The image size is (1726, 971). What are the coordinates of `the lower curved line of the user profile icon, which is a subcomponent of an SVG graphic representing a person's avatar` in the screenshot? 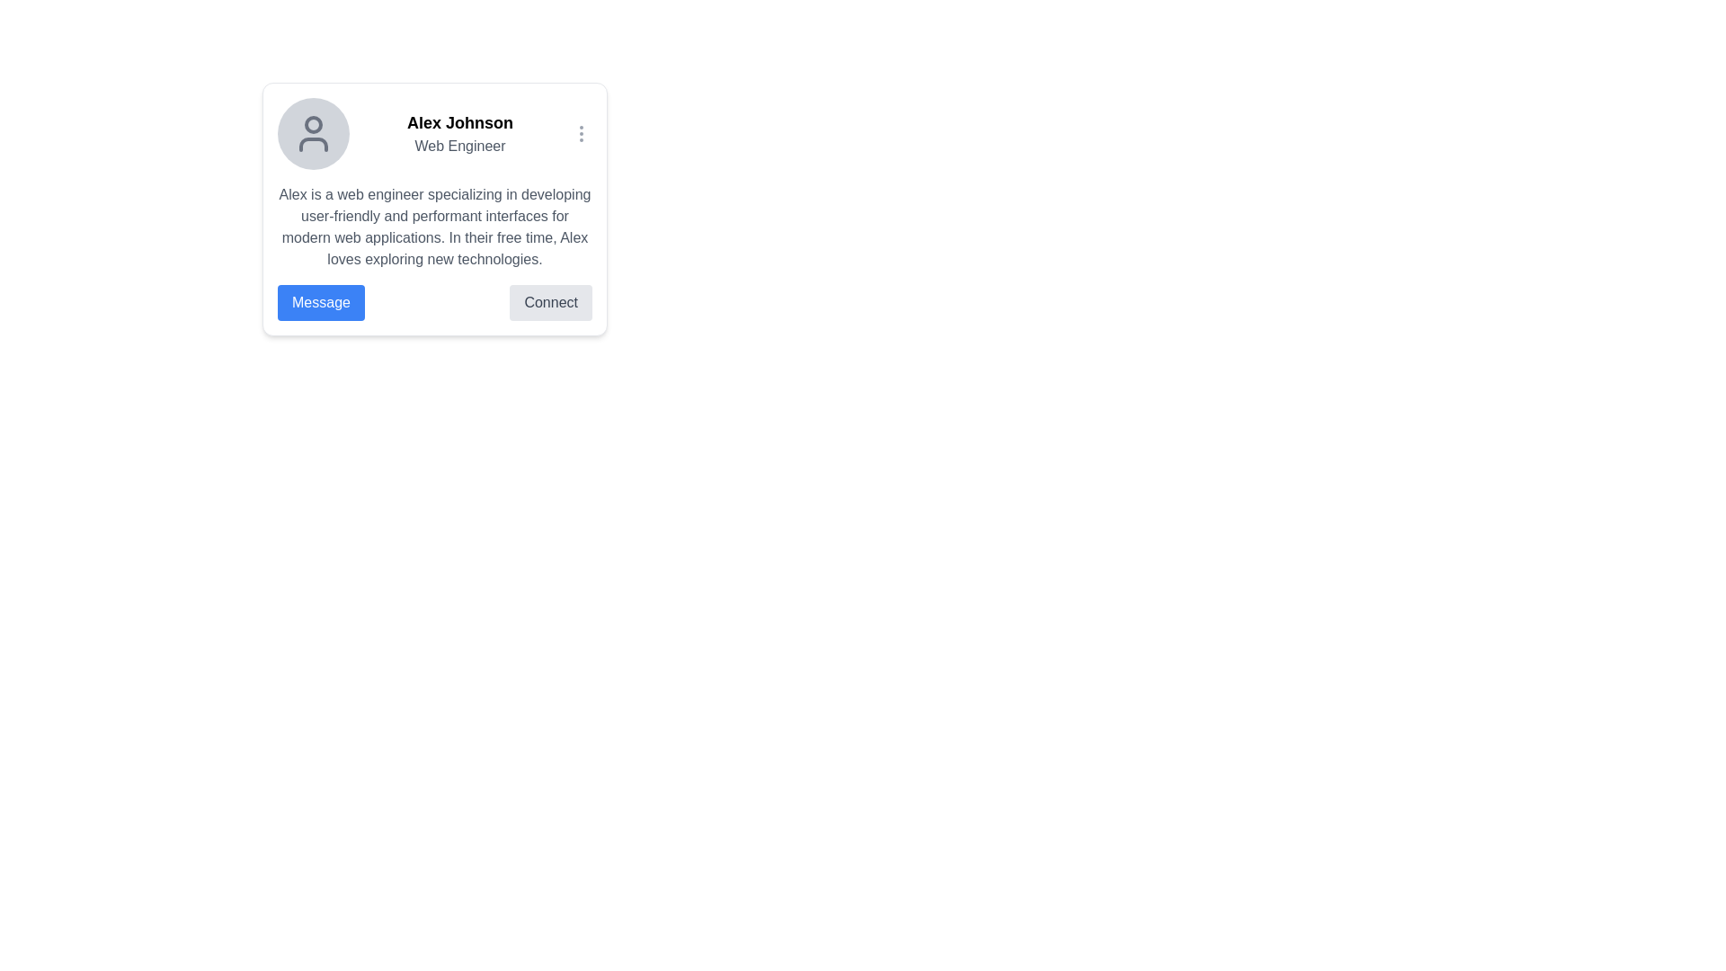 It's located at (314, 144).